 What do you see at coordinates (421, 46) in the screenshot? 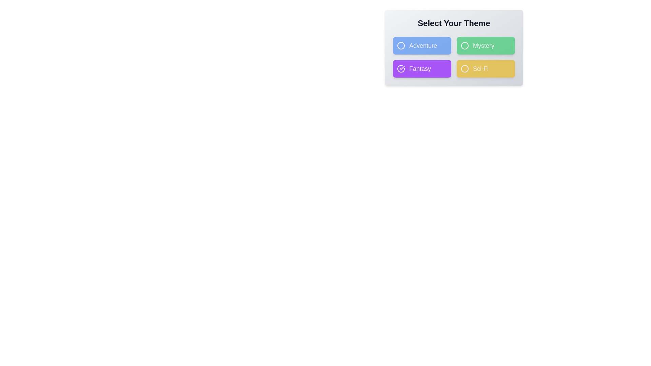
I see `the theme button corresponding to Adventure` at bounding box center [421, 46].